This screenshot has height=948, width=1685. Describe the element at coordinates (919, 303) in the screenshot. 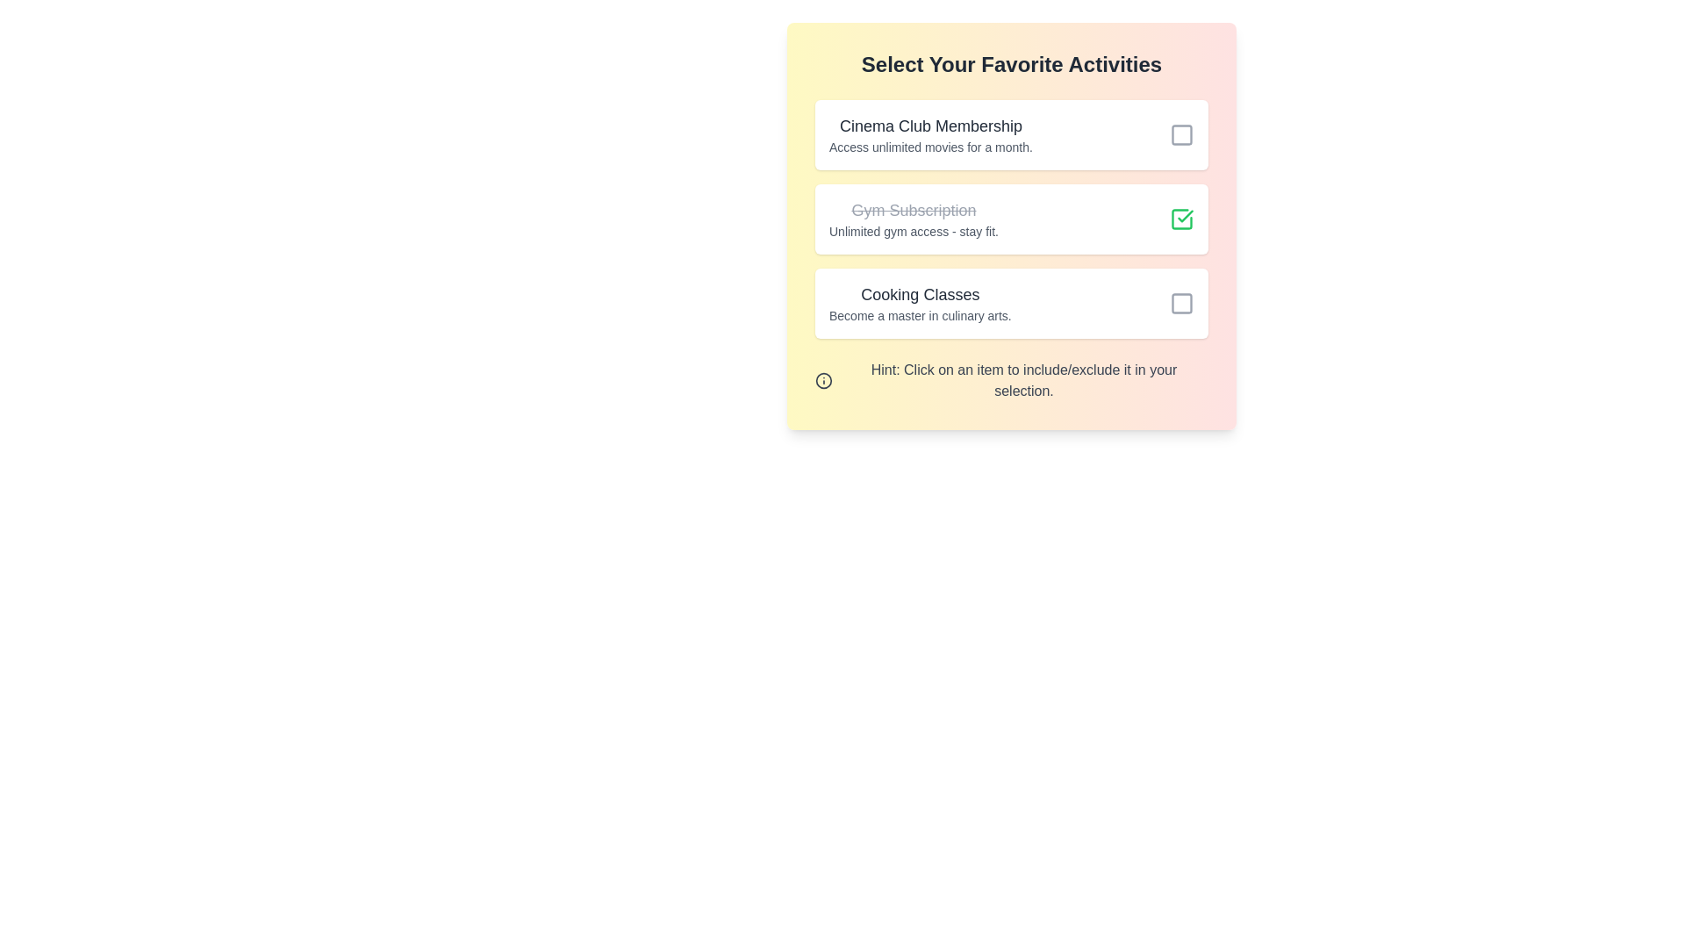

I see `the formatted text label for 'Cooking Classes', which is the third option in a vertical list on a light yellow background, aligned to the left` at that location.